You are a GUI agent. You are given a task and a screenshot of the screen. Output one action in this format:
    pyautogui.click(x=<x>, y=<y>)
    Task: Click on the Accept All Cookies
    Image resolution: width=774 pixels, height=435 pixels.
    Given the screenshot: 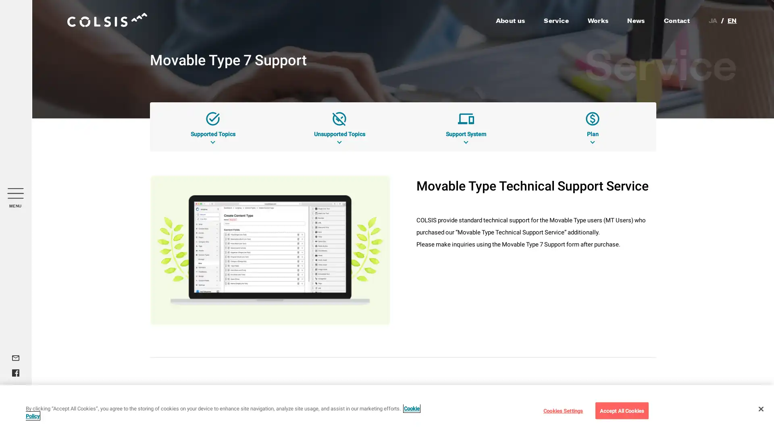 What is the action you would take?
    pyautogui.click(x=621, y=410)
    